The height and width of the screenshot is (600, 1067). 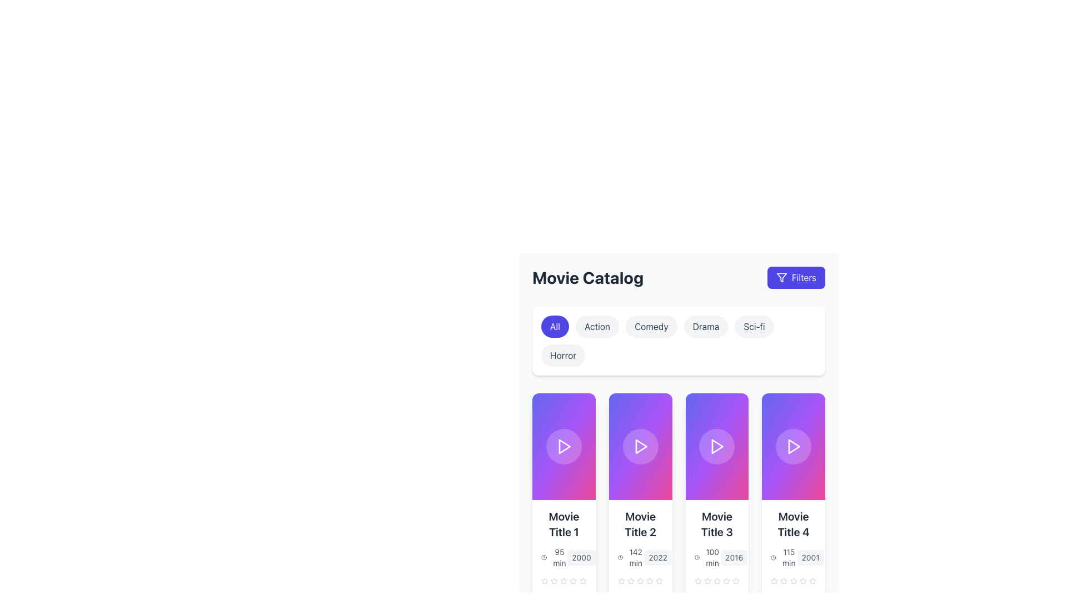 What do you see at coordinates (640, 446) in the screenshot?
I see `the circular play button with a semi-transparent white background located in the 'Movie Title 2' card` at bounding box center [640, 446].